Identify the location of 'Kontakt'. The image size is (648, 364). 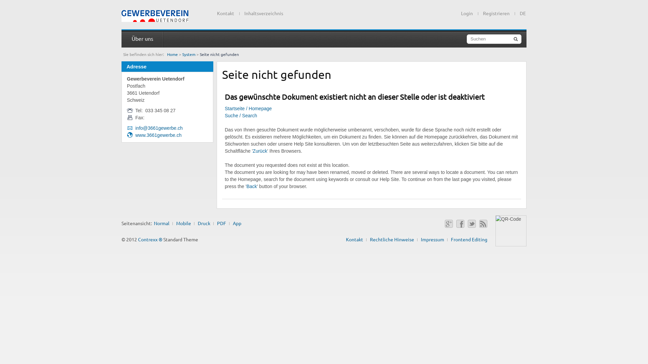
(225, 13).